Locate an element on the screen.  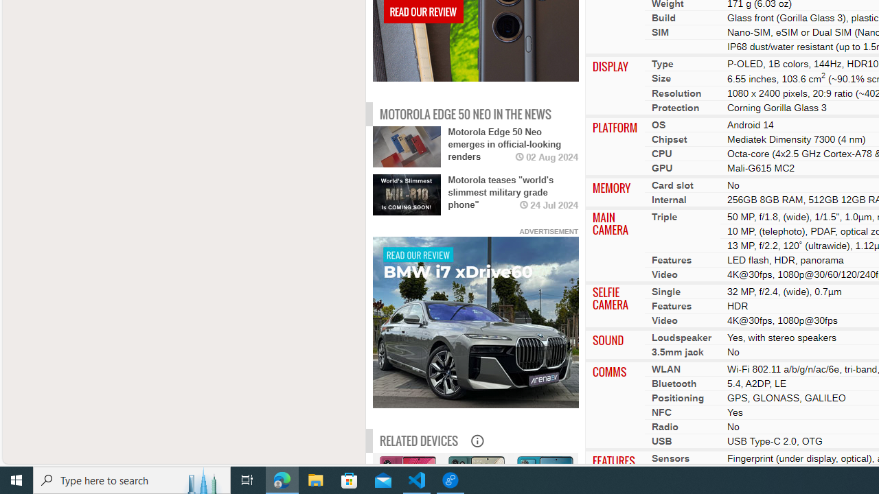
'Positioning' is located at coordinates (678, 397).